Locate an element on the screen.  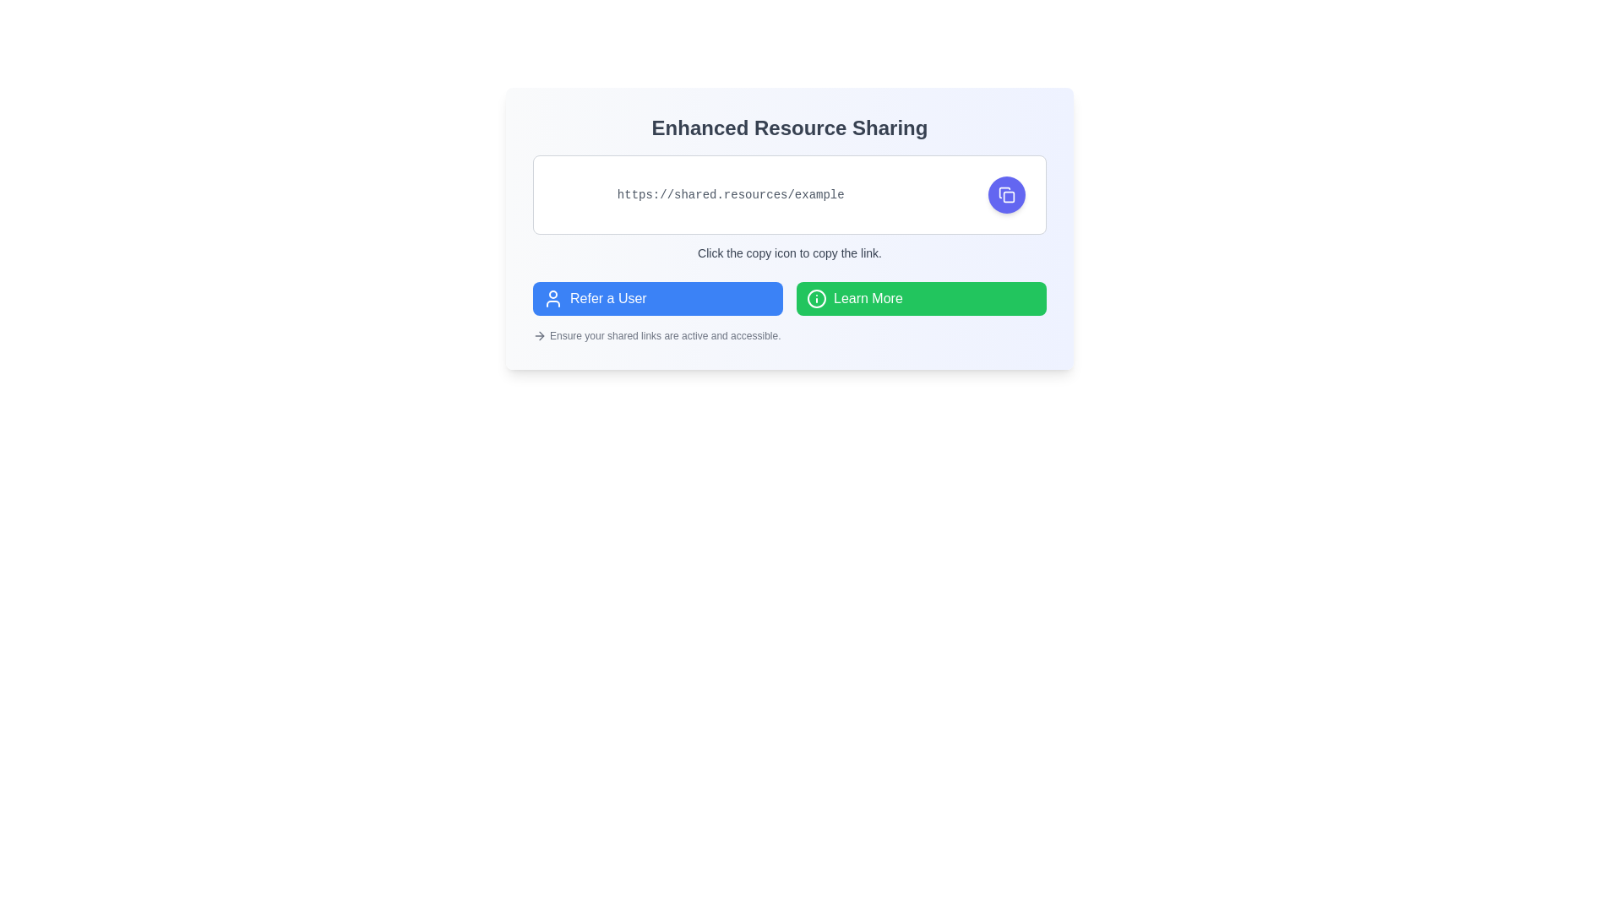
the Right-pointing Arrow icon, which indicates a forward action and is located near the 'Refer a User' button is located at coordinates (542, 335).